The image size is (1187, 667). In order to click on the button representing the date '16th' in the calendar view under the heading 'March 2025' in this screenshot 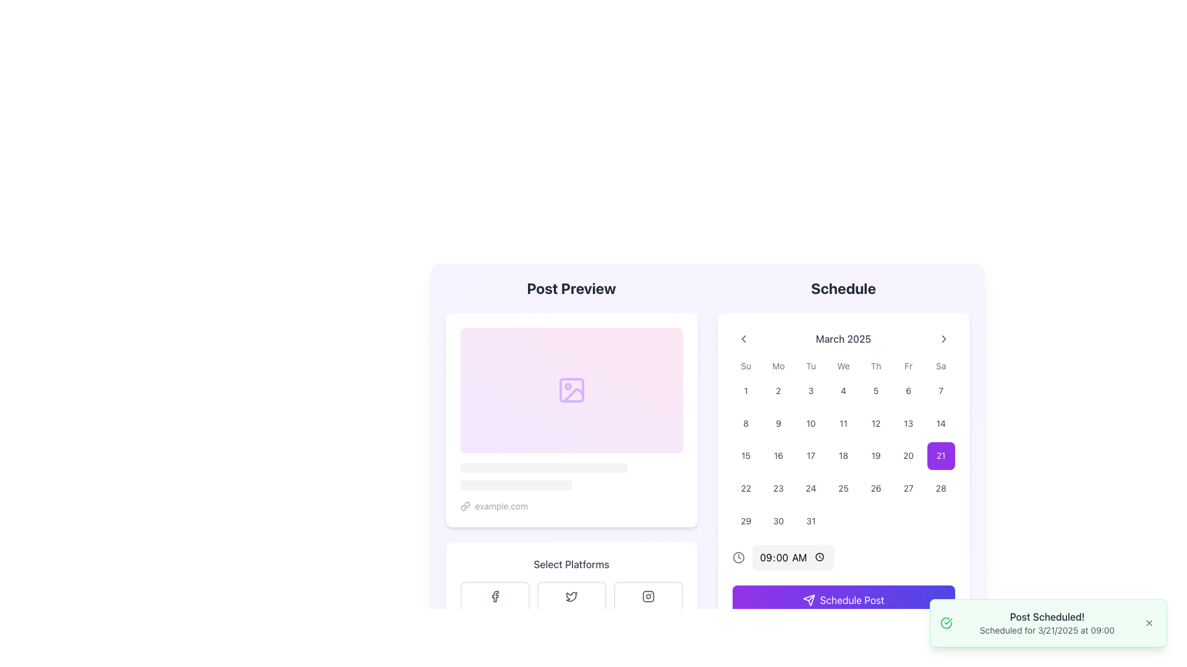, I will do `click(778, 456)`.